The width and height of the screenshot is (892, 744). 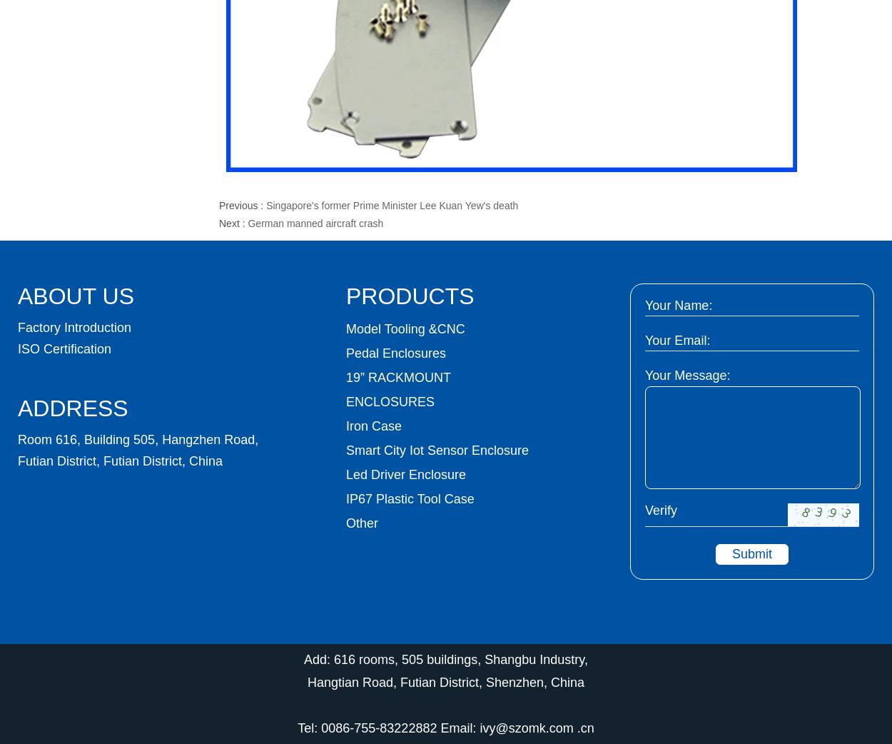 I want to click on 'Smart City Iot Sensor Enclosure', so click(x=437, y=451).